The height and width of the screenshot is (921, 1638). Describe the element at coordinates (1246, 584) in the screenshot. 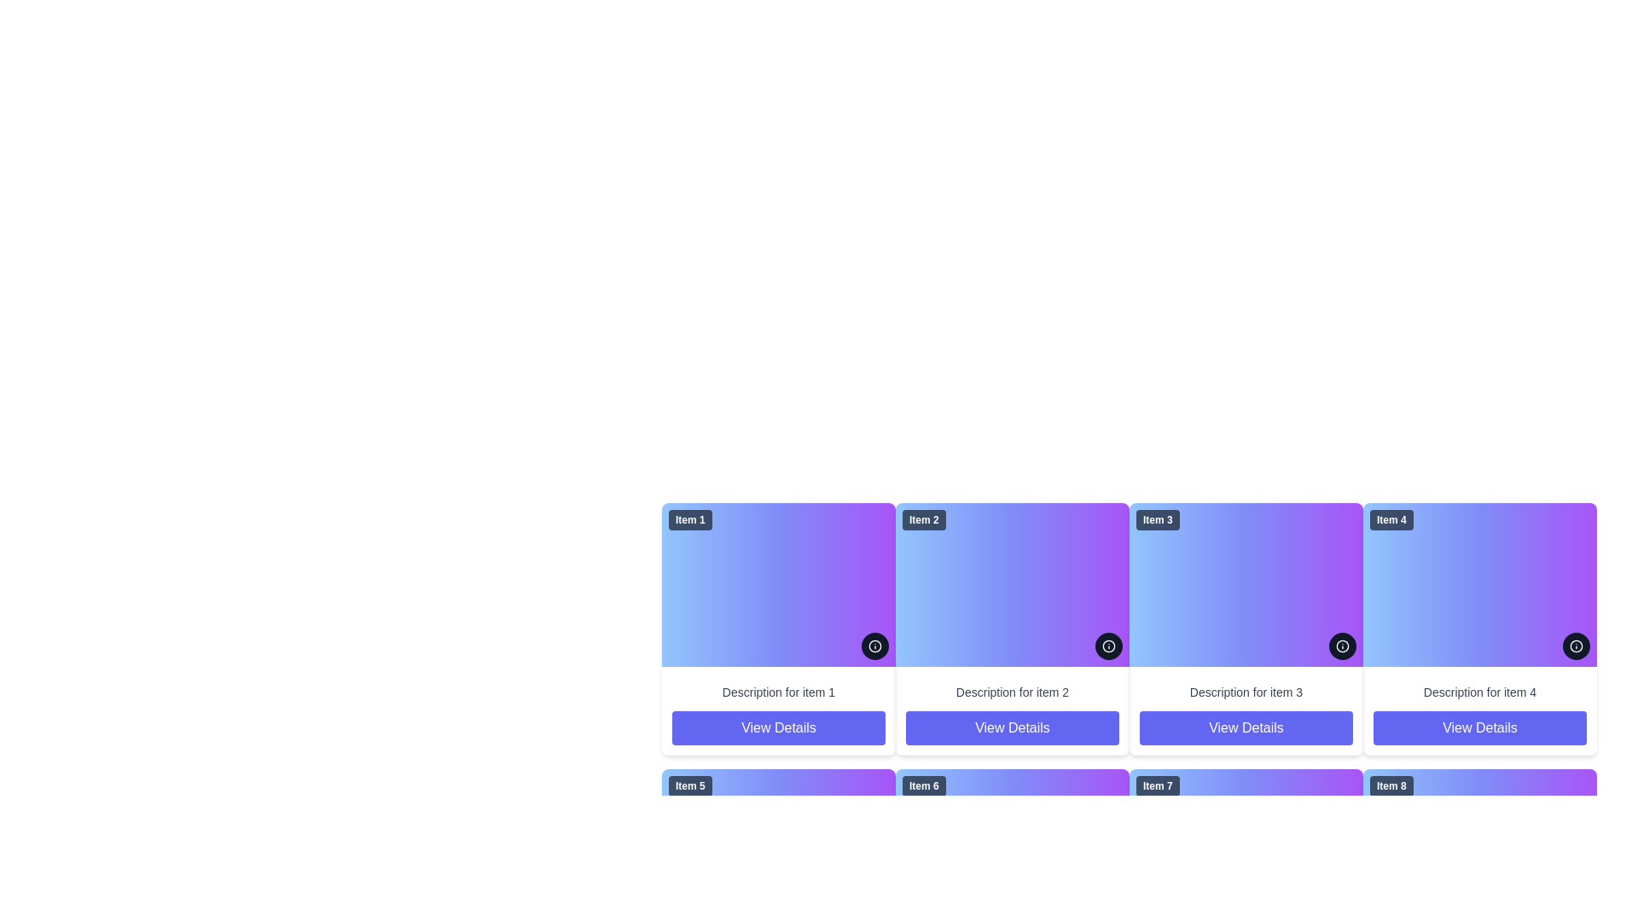

I see `the 'Item 3' card element` at that location.